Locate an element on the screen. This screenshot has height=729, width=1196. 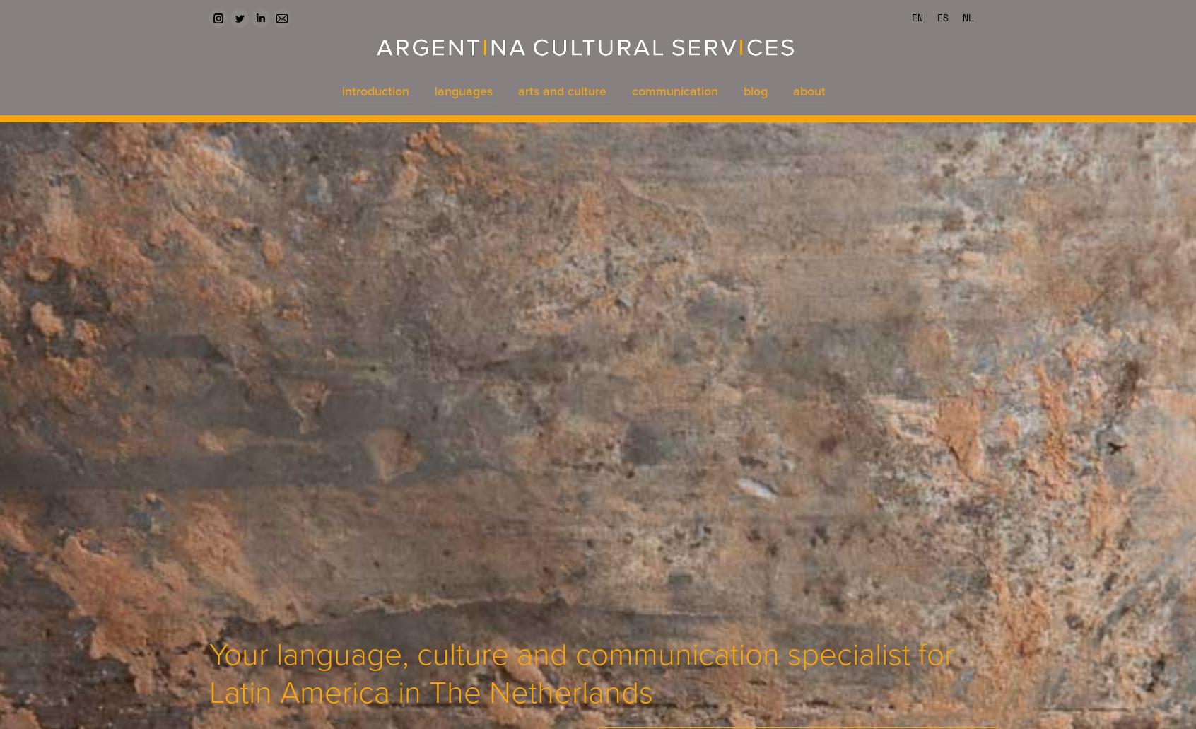
'Your language, culture and communication specialist for Latin America in The Netherlands' is located at coordinates (581, 672).